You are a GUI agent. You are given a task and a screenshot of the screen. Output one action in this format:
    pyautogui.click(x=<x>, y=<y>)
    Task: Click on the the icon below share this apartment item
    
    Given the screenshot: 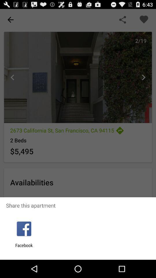 What is the action you would take?
    pyautogui.click(x=24, y=229)
    